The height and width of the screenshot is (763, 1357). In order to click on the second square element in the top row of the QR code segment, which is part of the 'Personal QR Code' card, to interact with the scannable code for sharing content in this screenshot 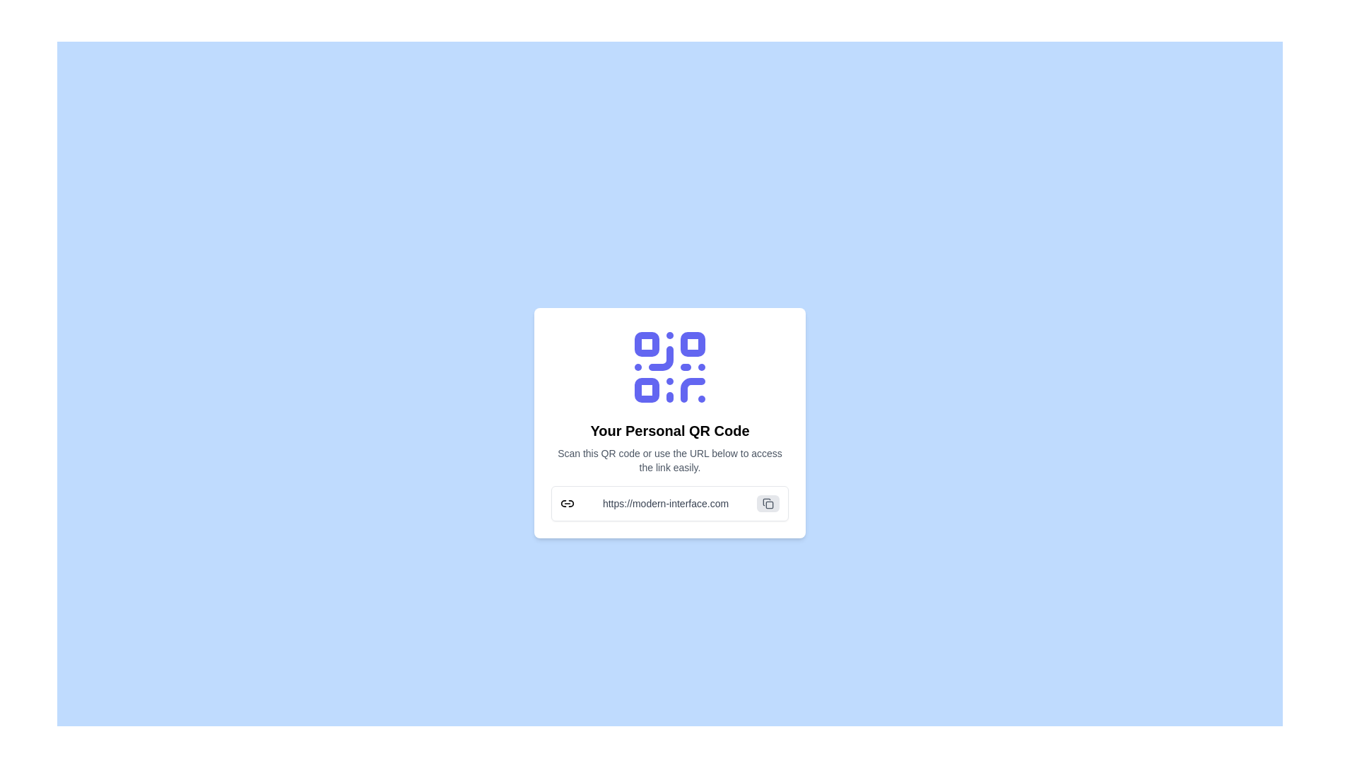, I will do `click(693, 344)`.